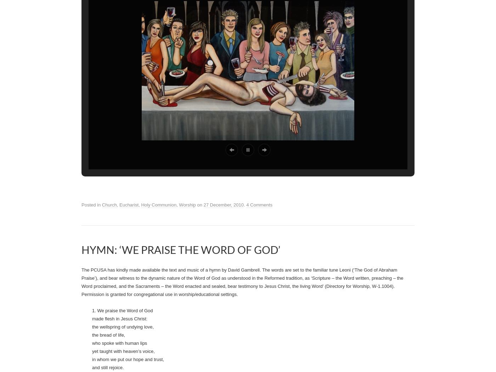 The image size is (496, 372). I want to click on 'might be ‘the one who is to come’ (Matt 11.3//Luke 7.19–20).', so click(294, 134).